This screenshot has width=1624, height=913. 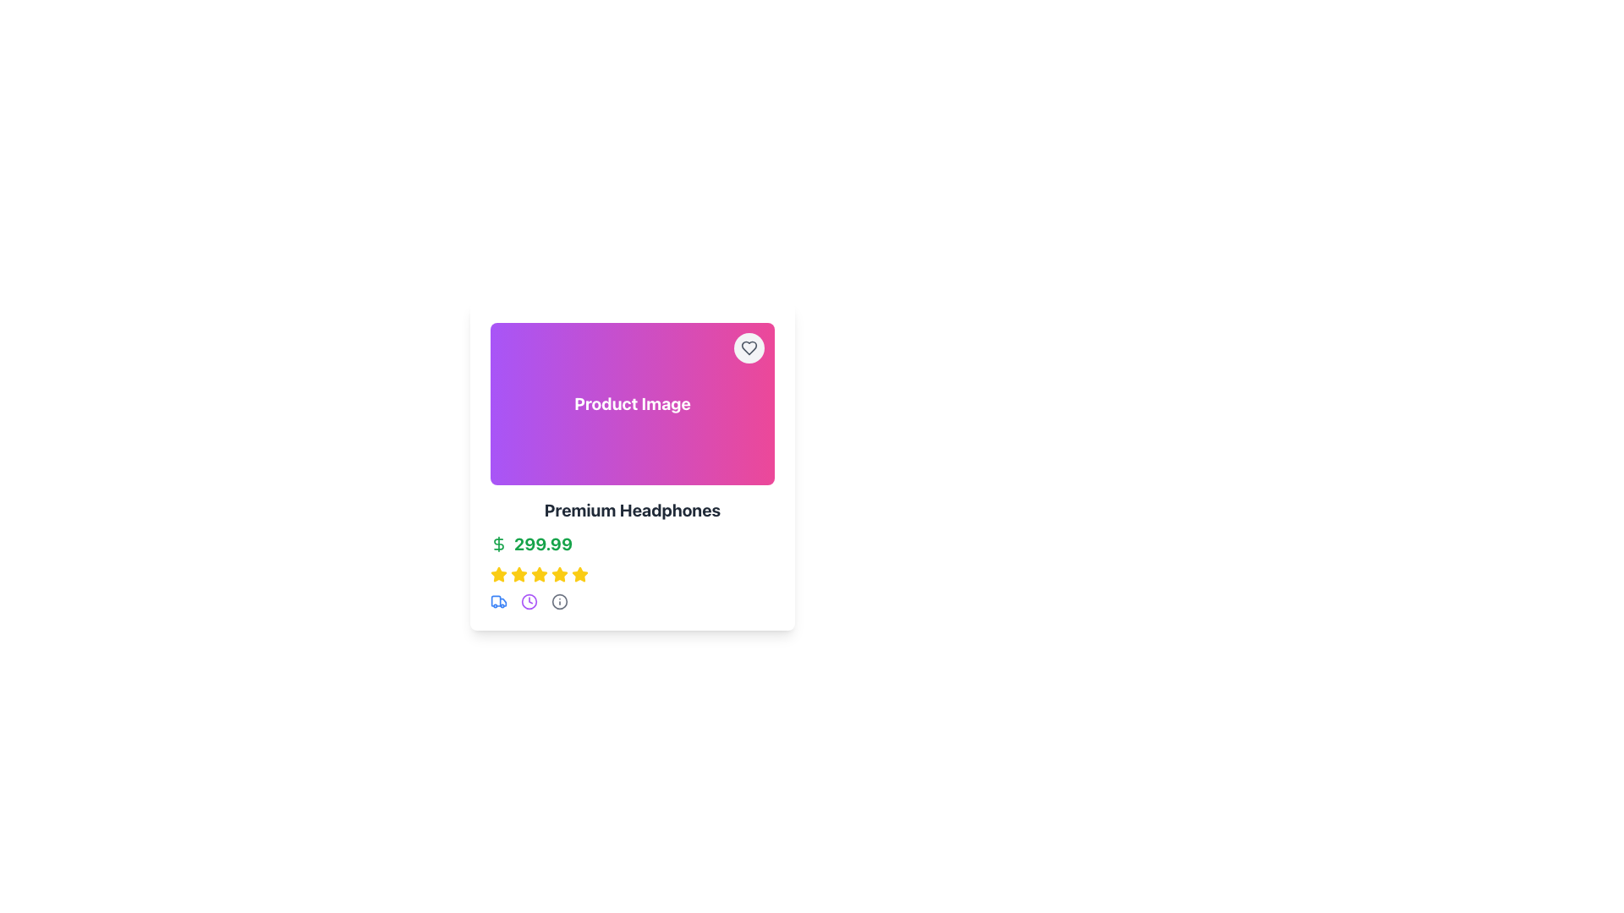 I want to click on the fourth yellow star-shaped rating icon in the row below 'Premium Headphones' and '$299.99', so click(x=560, y=573).